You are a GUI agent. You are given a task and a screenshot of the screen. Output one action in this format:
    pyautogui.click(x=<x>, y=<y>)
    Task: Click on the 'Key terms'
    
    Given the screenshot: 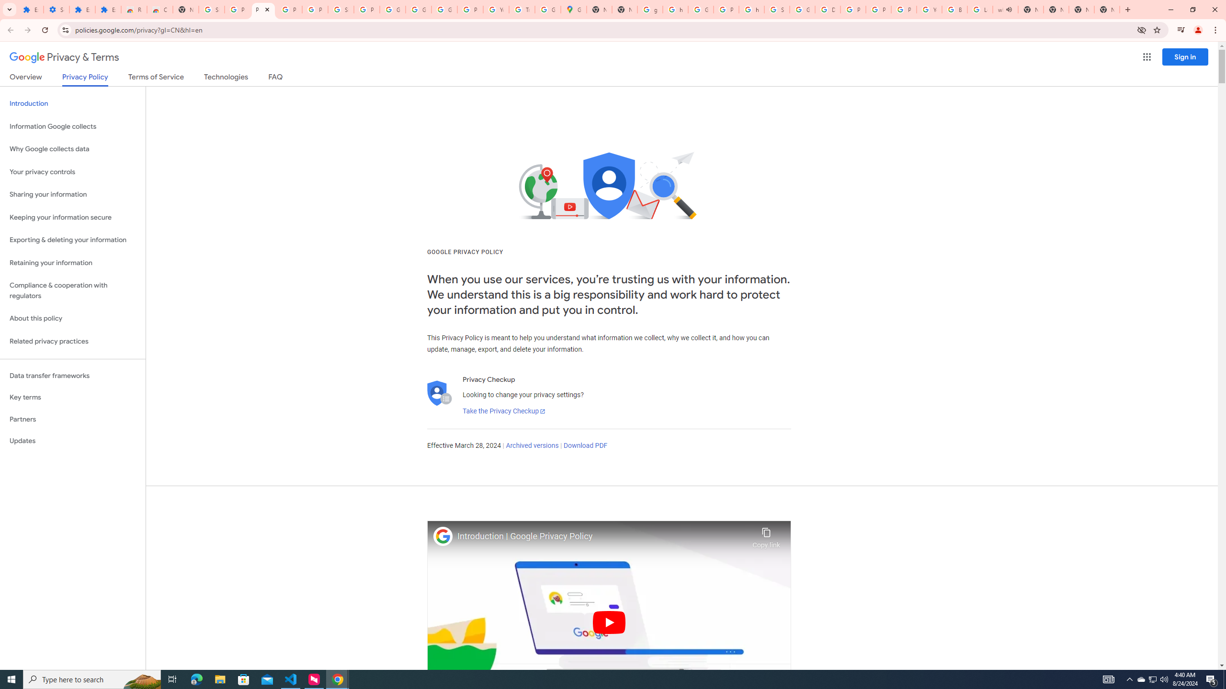 What is the action you would take?
    pyautogui.click(x=72, y=397)
    